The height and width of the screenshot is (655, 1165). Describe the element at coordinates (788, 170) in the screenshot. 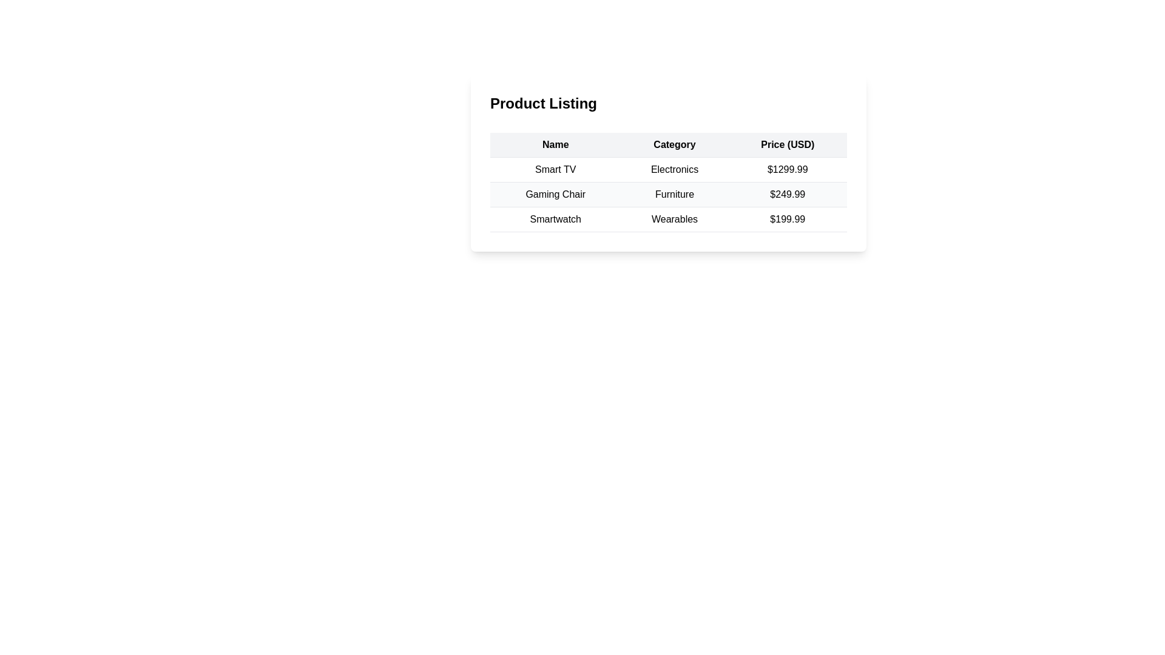

I see `text value of the price label '$1299.99' located in the first row of the data table under the 'Price (USD)' column` at that location.